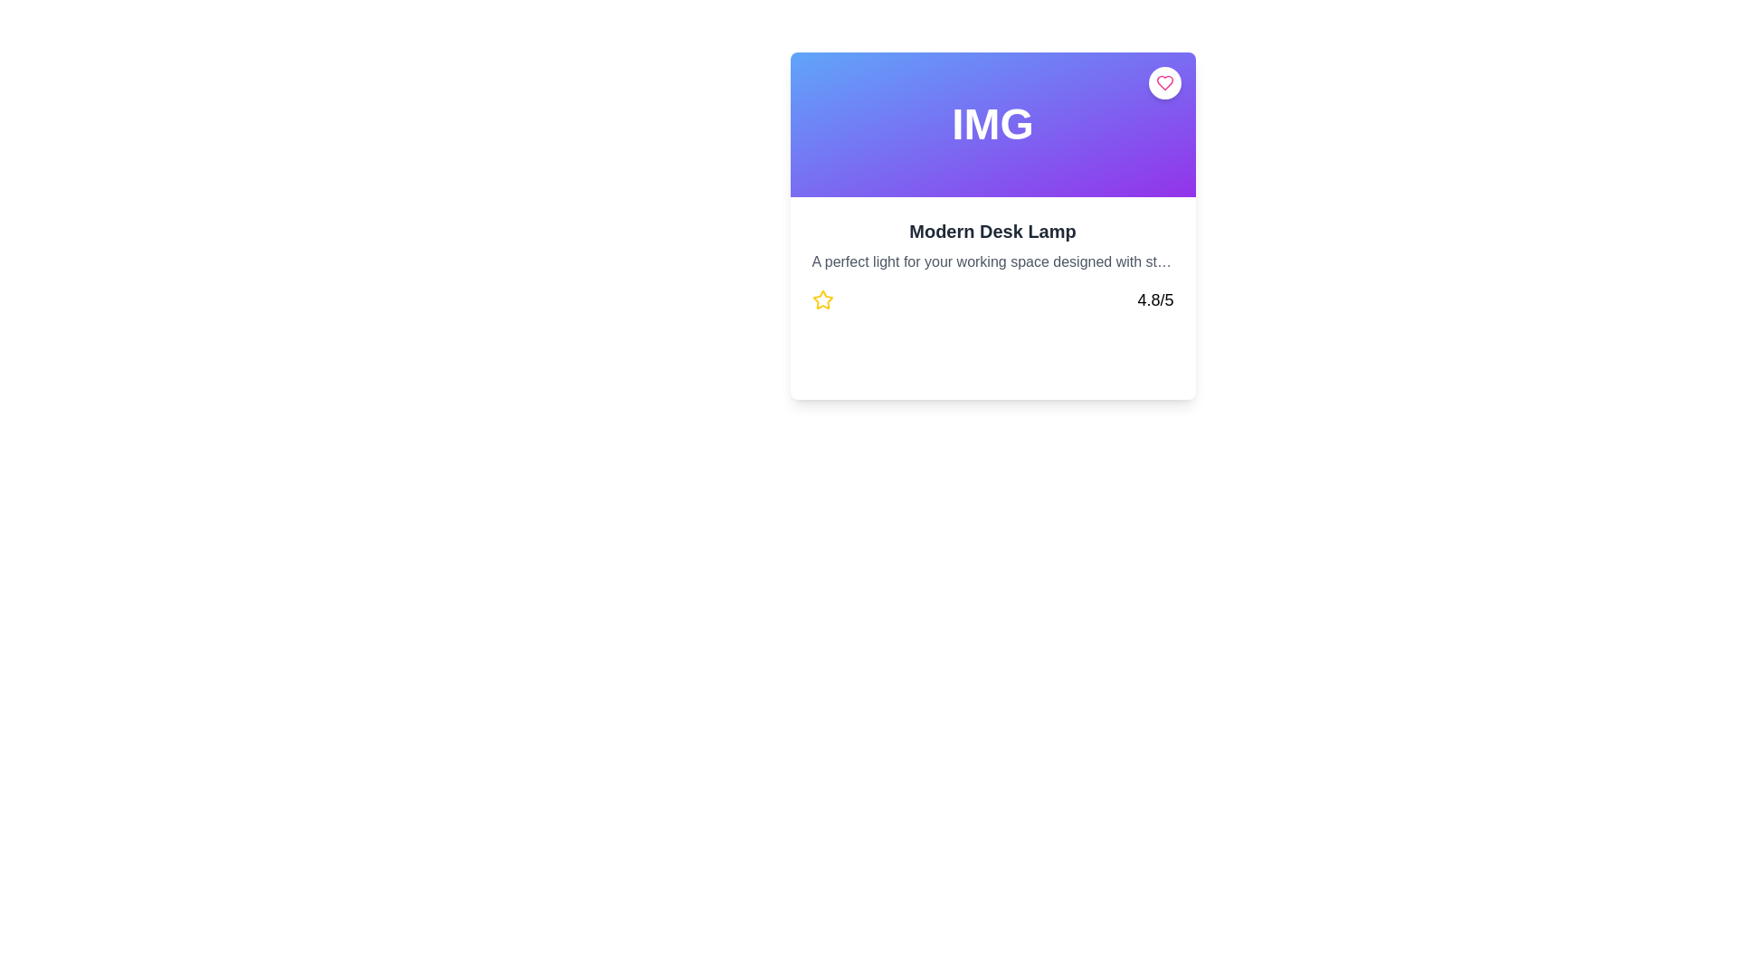 Image resolution: width=1737 pixels, height=977 pixels. Describe the element at coordinates (1164, 83) in the screenshot. I see `the heart-shaped pink icon located in the top-right corner of the card component to mark it as favorite or like` at that location.